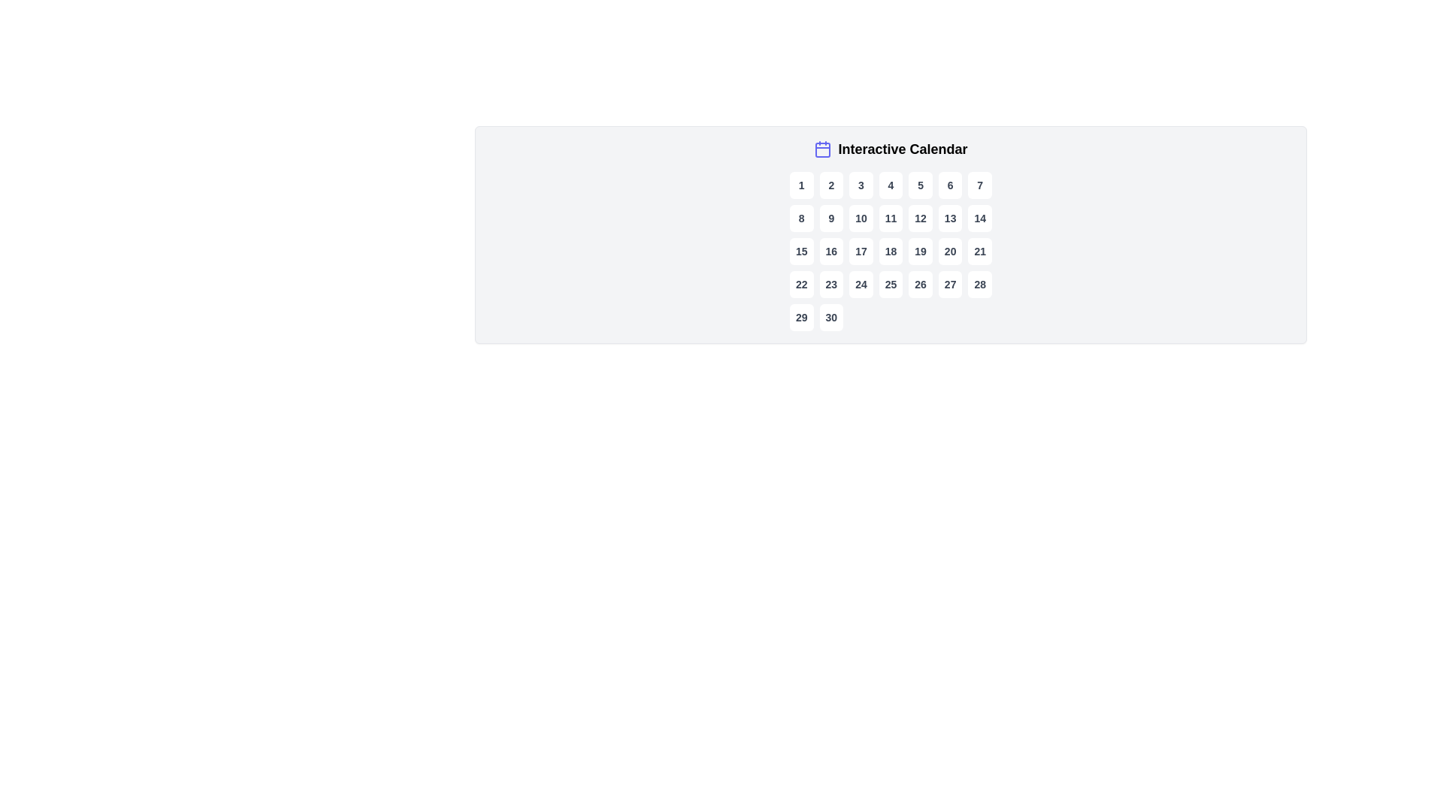  I want to click on the date button in the interactive calendar grid located beneath the 'Interactive Calendar' label, so click(891, 251).